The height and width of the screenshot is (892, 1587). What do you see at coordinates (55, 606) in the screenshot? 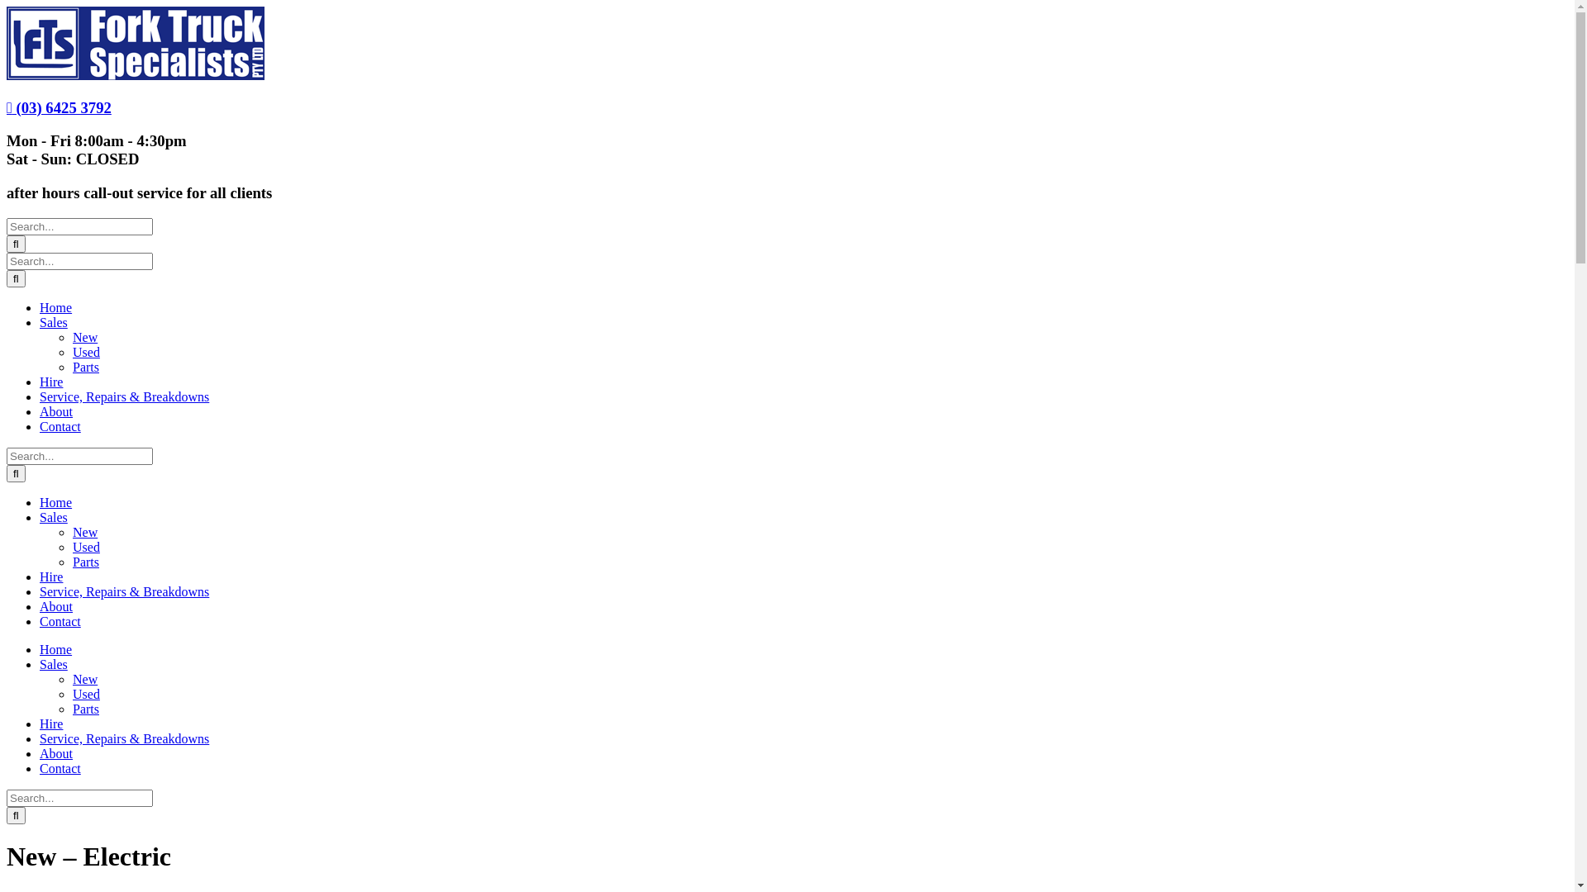
I see `'About'` at bounding box center [55, 606].